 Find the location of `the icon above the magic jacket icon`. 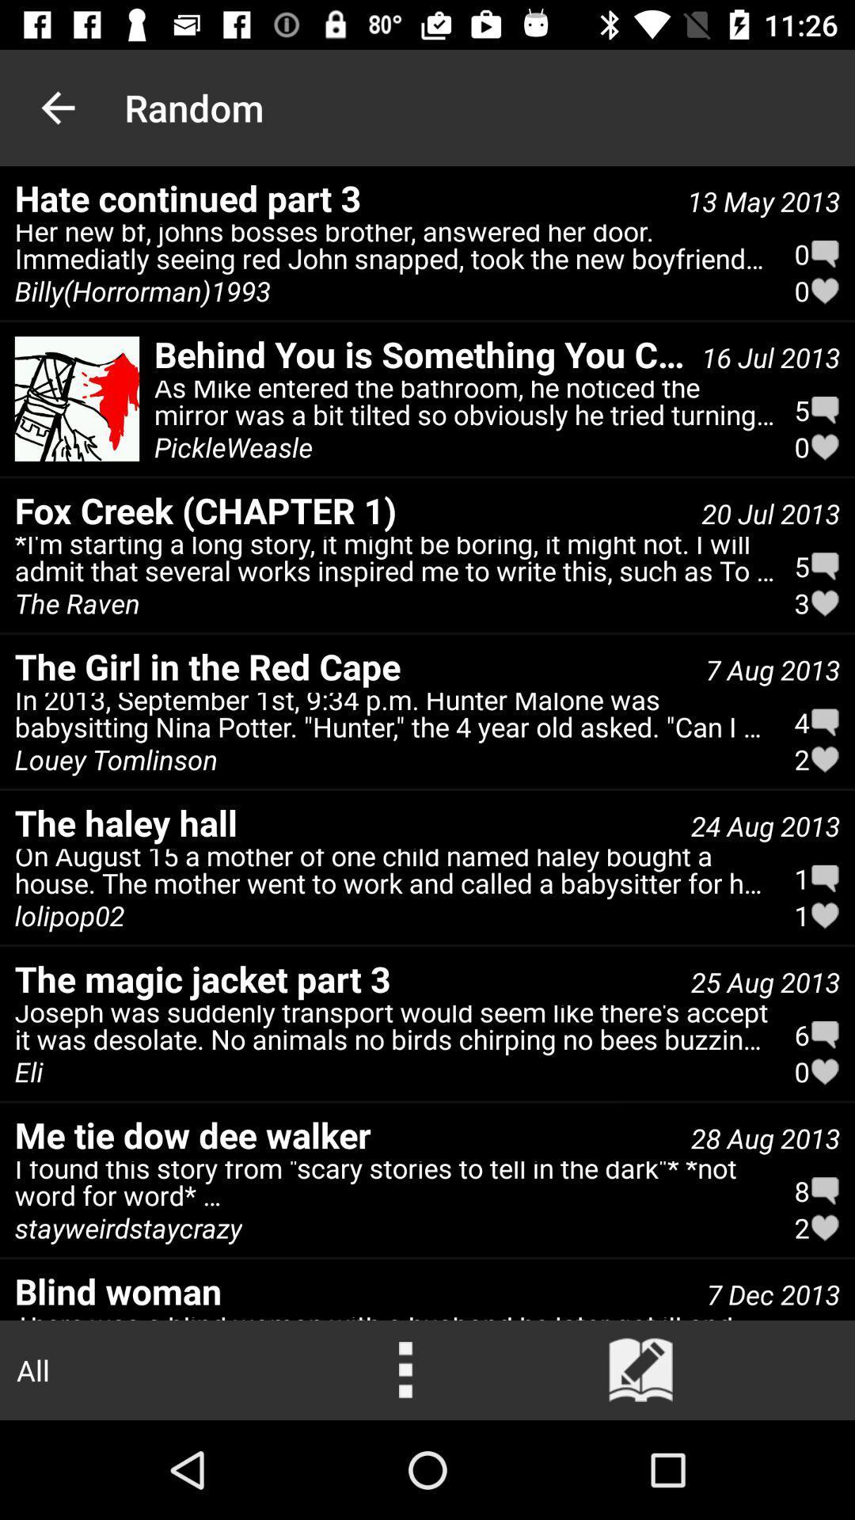

the icon above the magic jacket icon is located at coordinates (394, 875).